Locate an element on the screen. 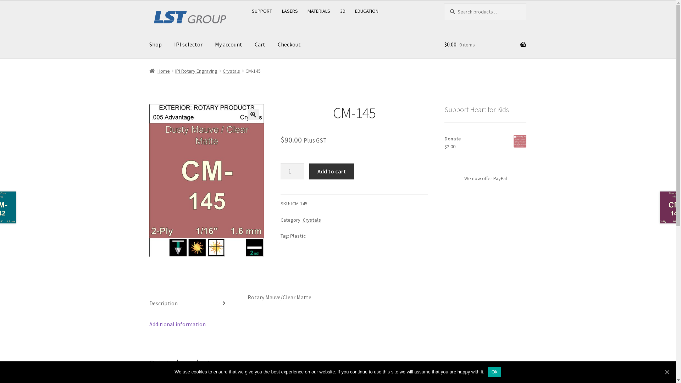 The height and width of the screenshot is (383, 681). 'LASERS' is located at coordinates (290, 11).